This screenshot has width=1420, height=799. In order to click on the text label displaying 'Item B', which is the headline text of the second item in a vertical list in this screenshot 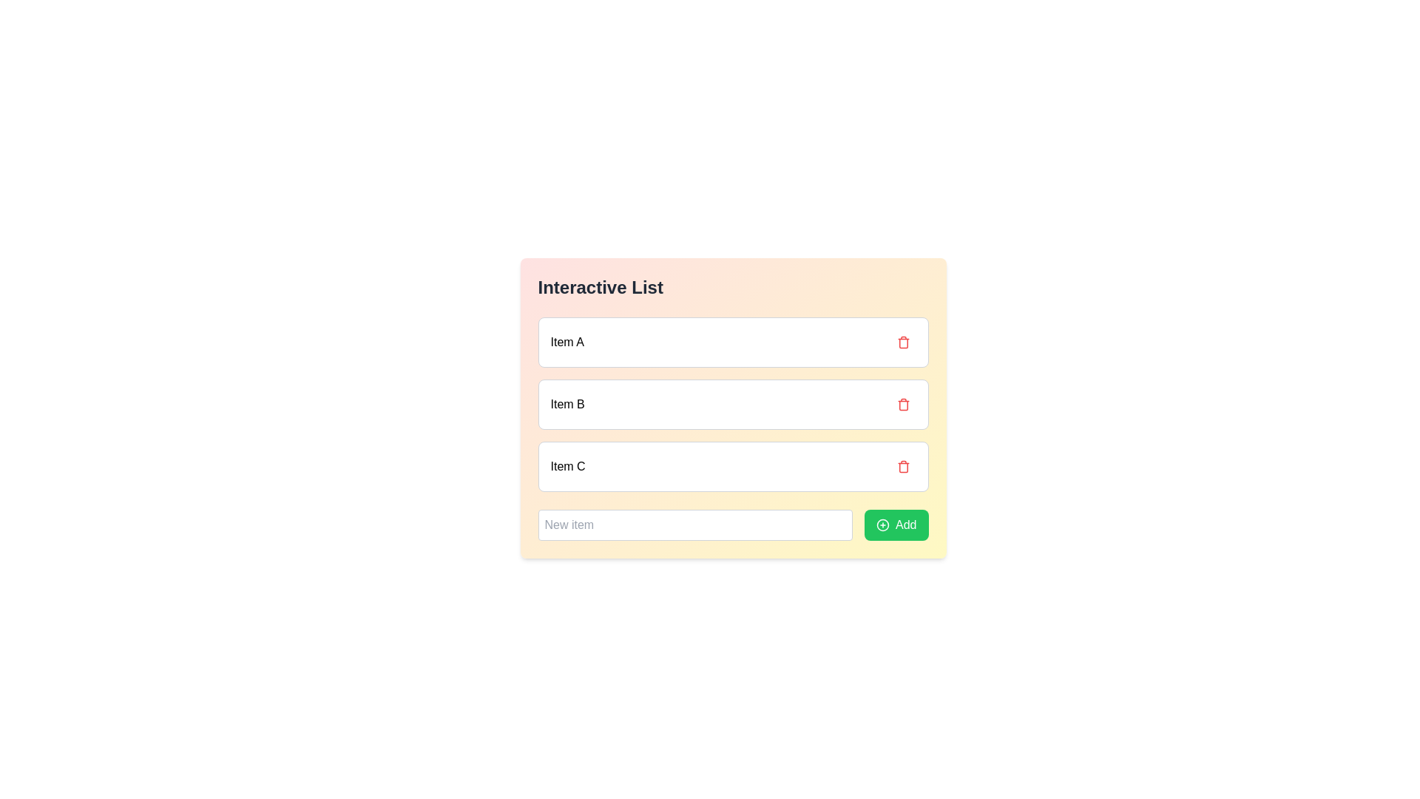, I will do `click(567, 405)`.